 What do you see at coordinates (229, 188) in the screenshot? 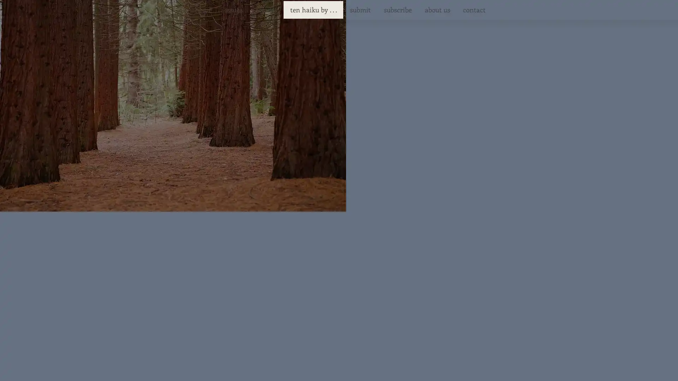
I see `Previous` at bounding box center [229, 188].